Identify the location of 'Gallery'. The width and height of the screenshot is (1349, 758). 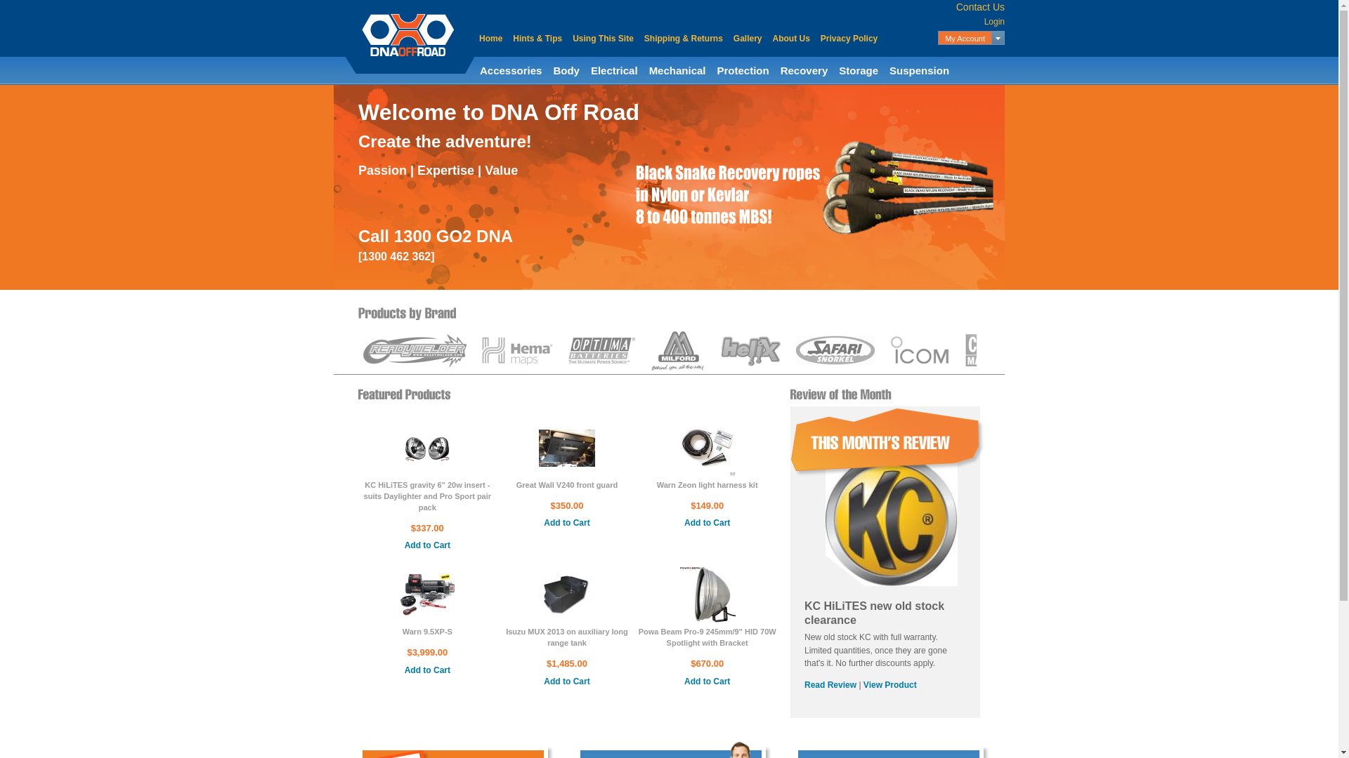
(747, 37).